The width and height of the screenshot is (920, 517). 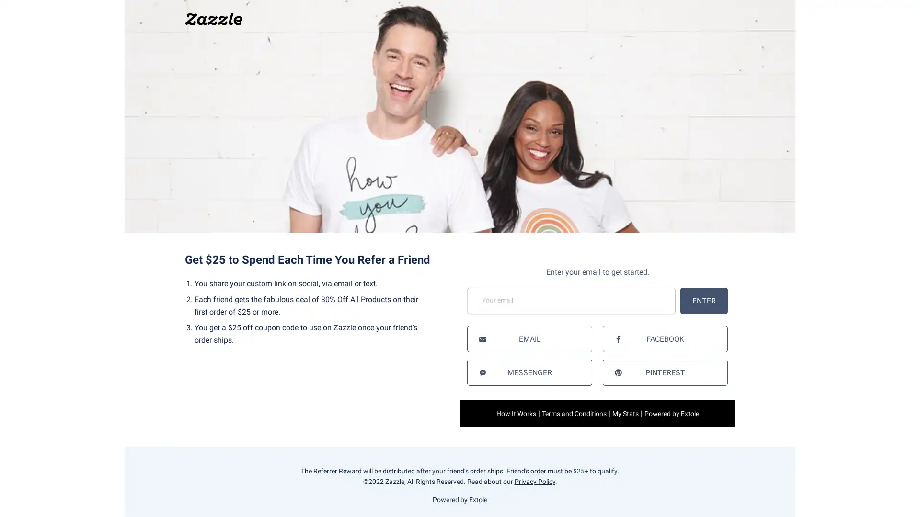 What do you see at coordinates (664, 371) in the screenshot?
I see `pinterest` at bounding box center [664, 371].